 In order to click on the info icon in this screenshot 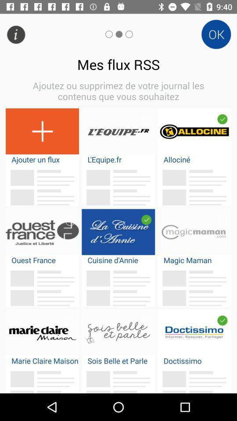, I will do `click(16, 34)`.